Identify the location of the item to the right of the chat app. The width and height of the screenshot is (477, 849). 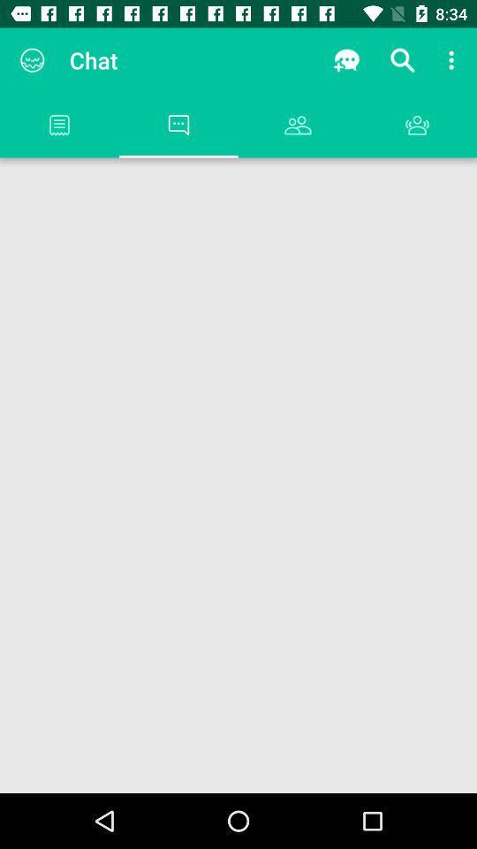
(347, 60).